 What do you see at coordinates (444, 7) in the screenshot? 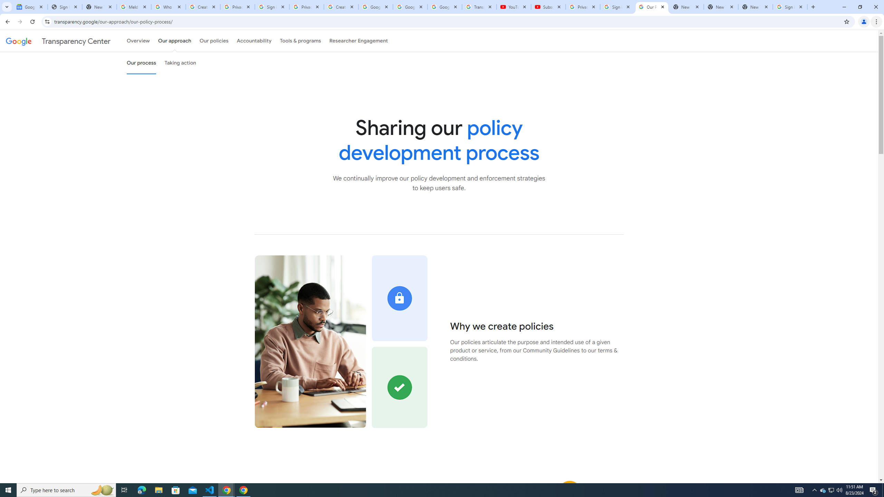
I see `'Google Account'` at bounding box center [444, 7].